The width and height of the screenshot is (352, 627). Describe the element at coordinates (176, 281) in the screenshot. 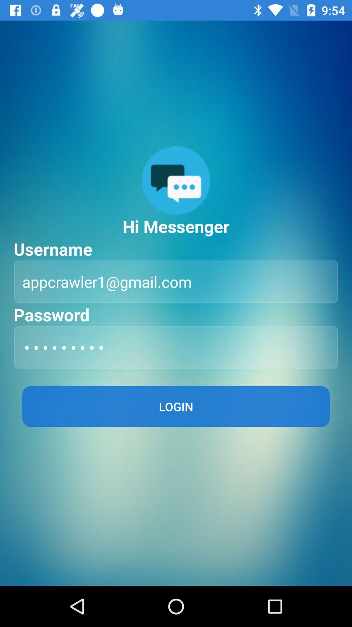

I see `the item below the username icon` at that location.